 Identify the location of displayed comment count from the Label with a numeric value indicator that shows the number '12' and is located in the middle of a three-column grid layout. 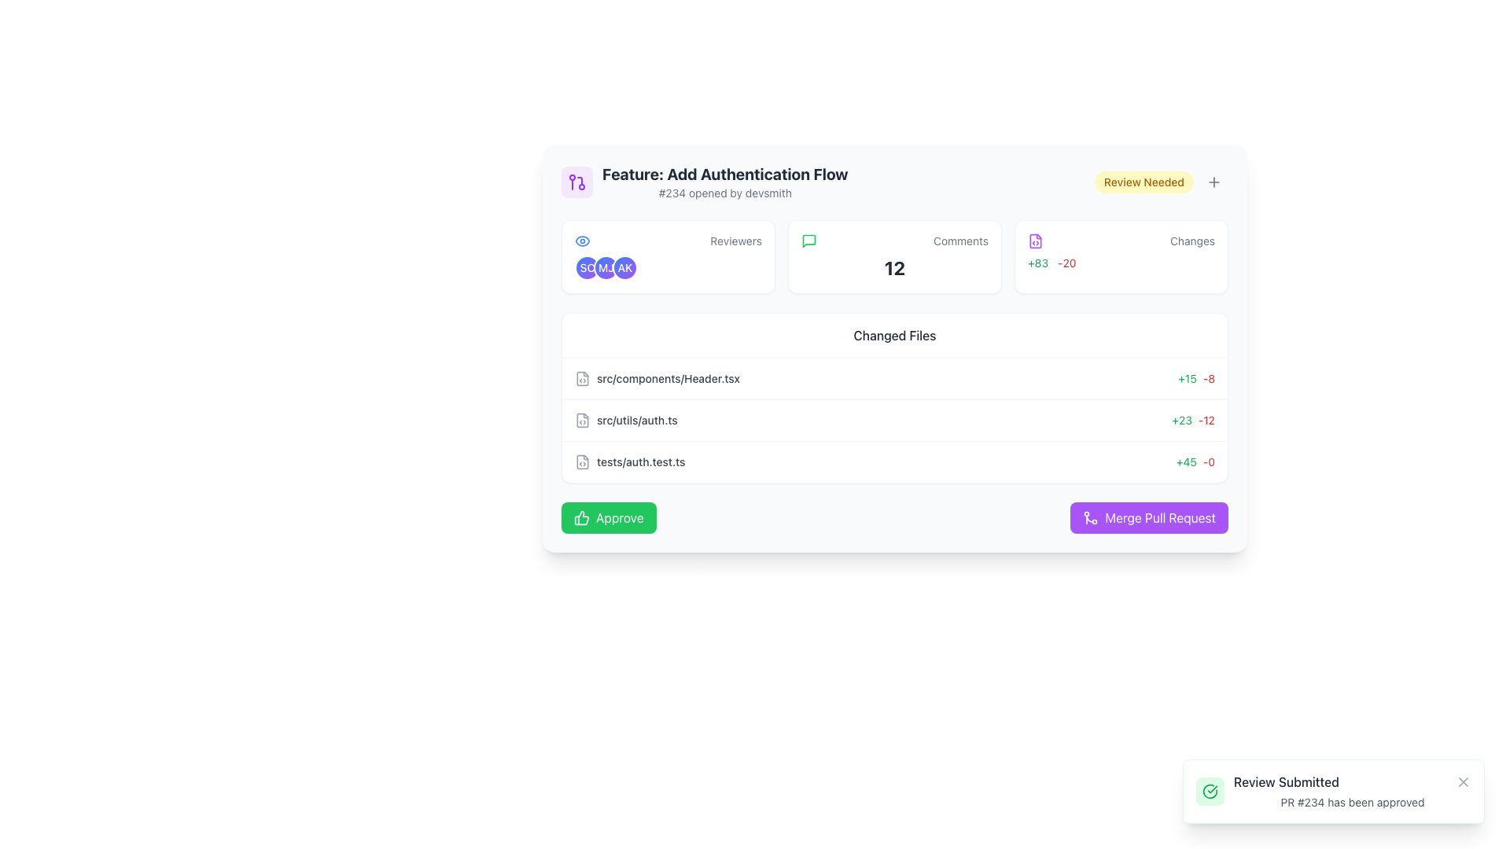
(894, 256).